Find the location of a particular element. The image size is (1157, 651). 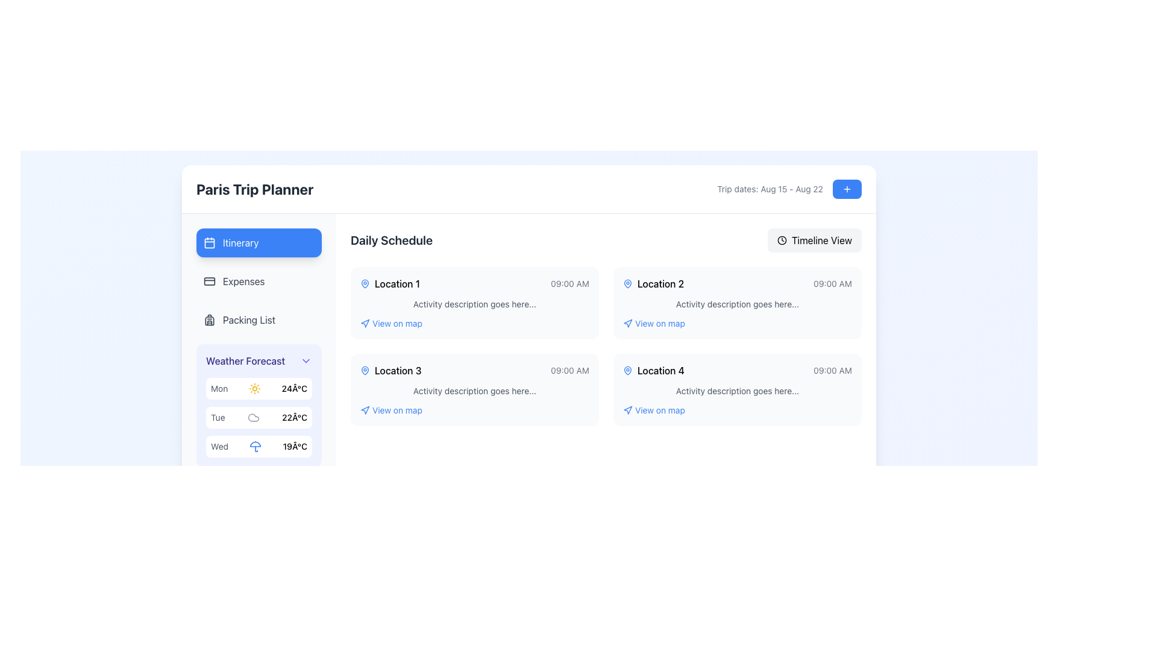

the sun icon located in the Weather Forecast panel, which is situated next to the text 'Mon' and before '24°C' is located at coordinates (254, 388).